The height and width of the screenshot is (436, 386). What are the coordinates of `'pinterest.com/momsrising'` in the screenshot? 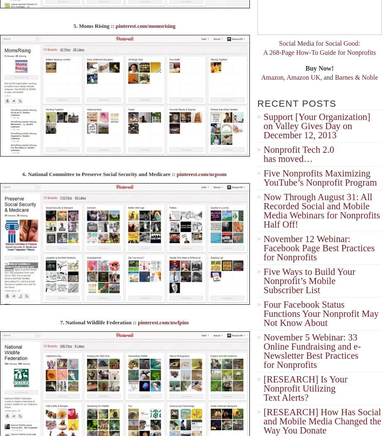 It's located at (144, 25).